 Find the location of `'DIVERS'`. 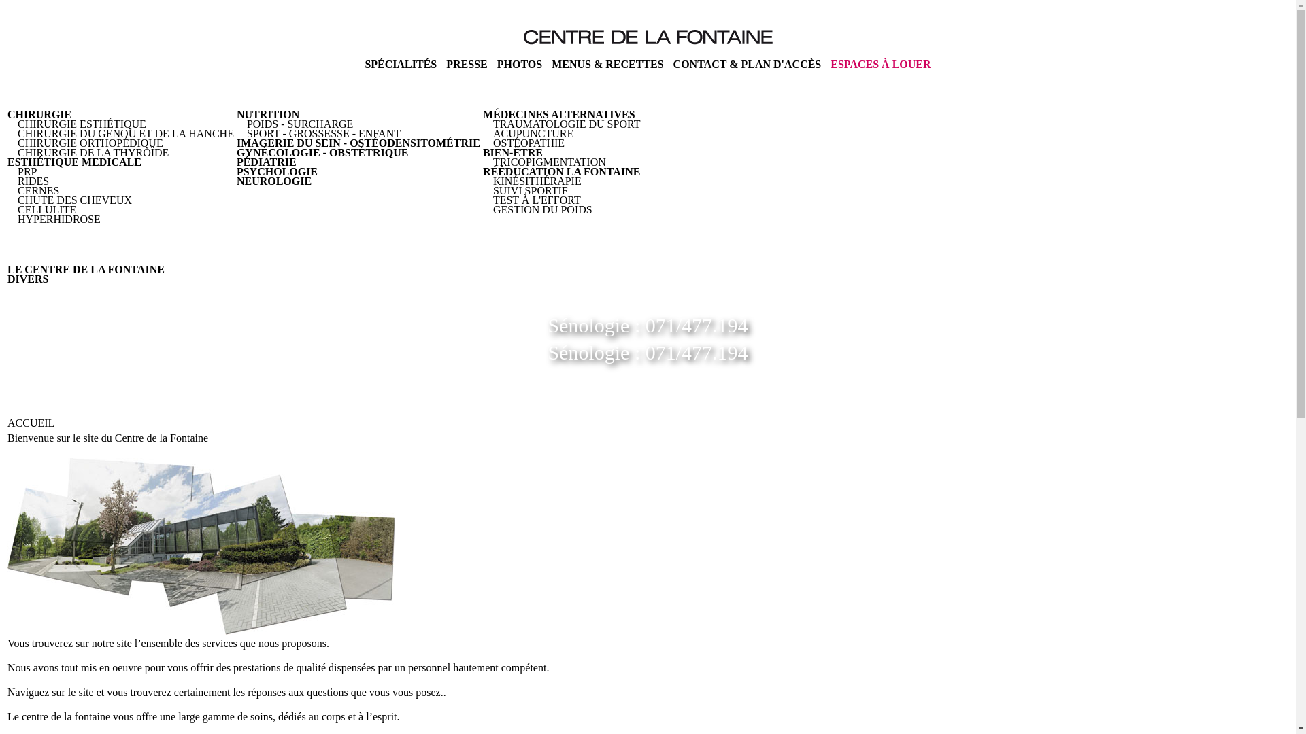

'DIVERS' is located at coordinates (28, 278).